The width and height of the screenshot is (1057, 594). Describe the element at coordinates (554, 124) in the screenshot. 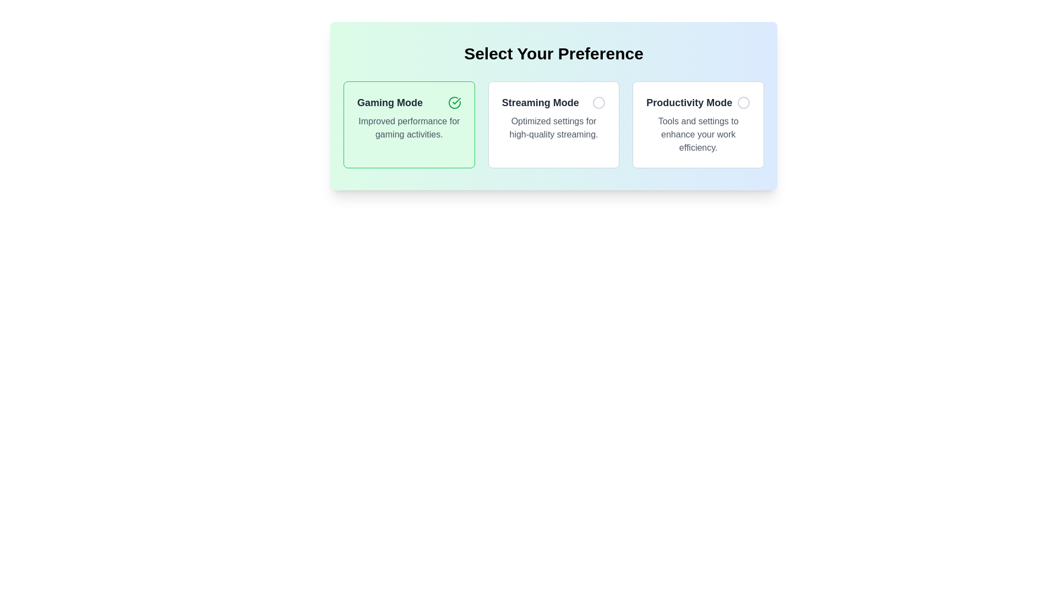

I see `the second selectable card in the 'Select Your Preference' grid` at that location.